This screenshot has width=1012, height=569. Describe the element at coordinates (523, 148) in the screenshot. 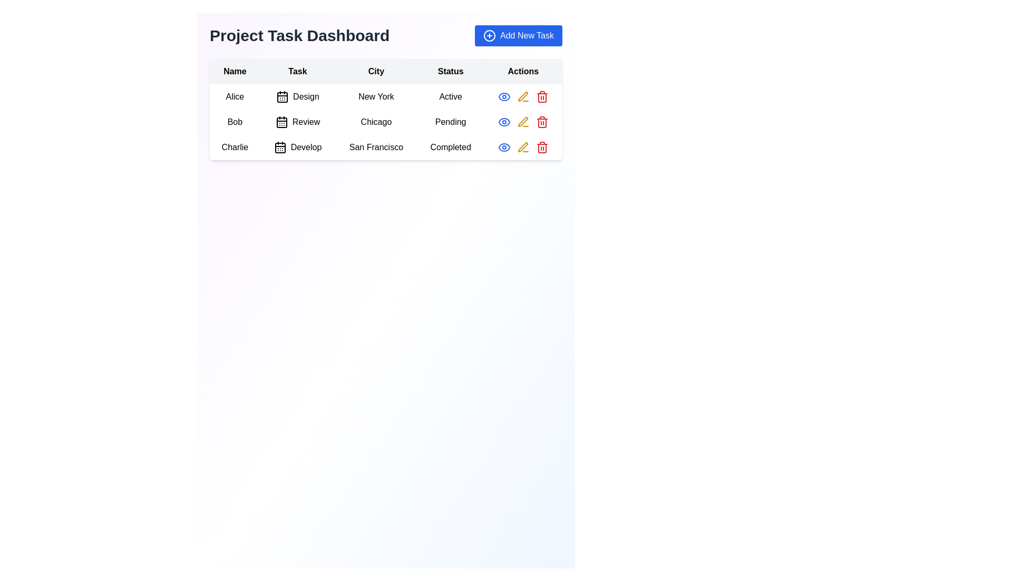

I see `the grouped action buttons with icons located in the 'Actions' column of the row titled 'Charlie - Develop - San Francisco - Completed'` at that location.